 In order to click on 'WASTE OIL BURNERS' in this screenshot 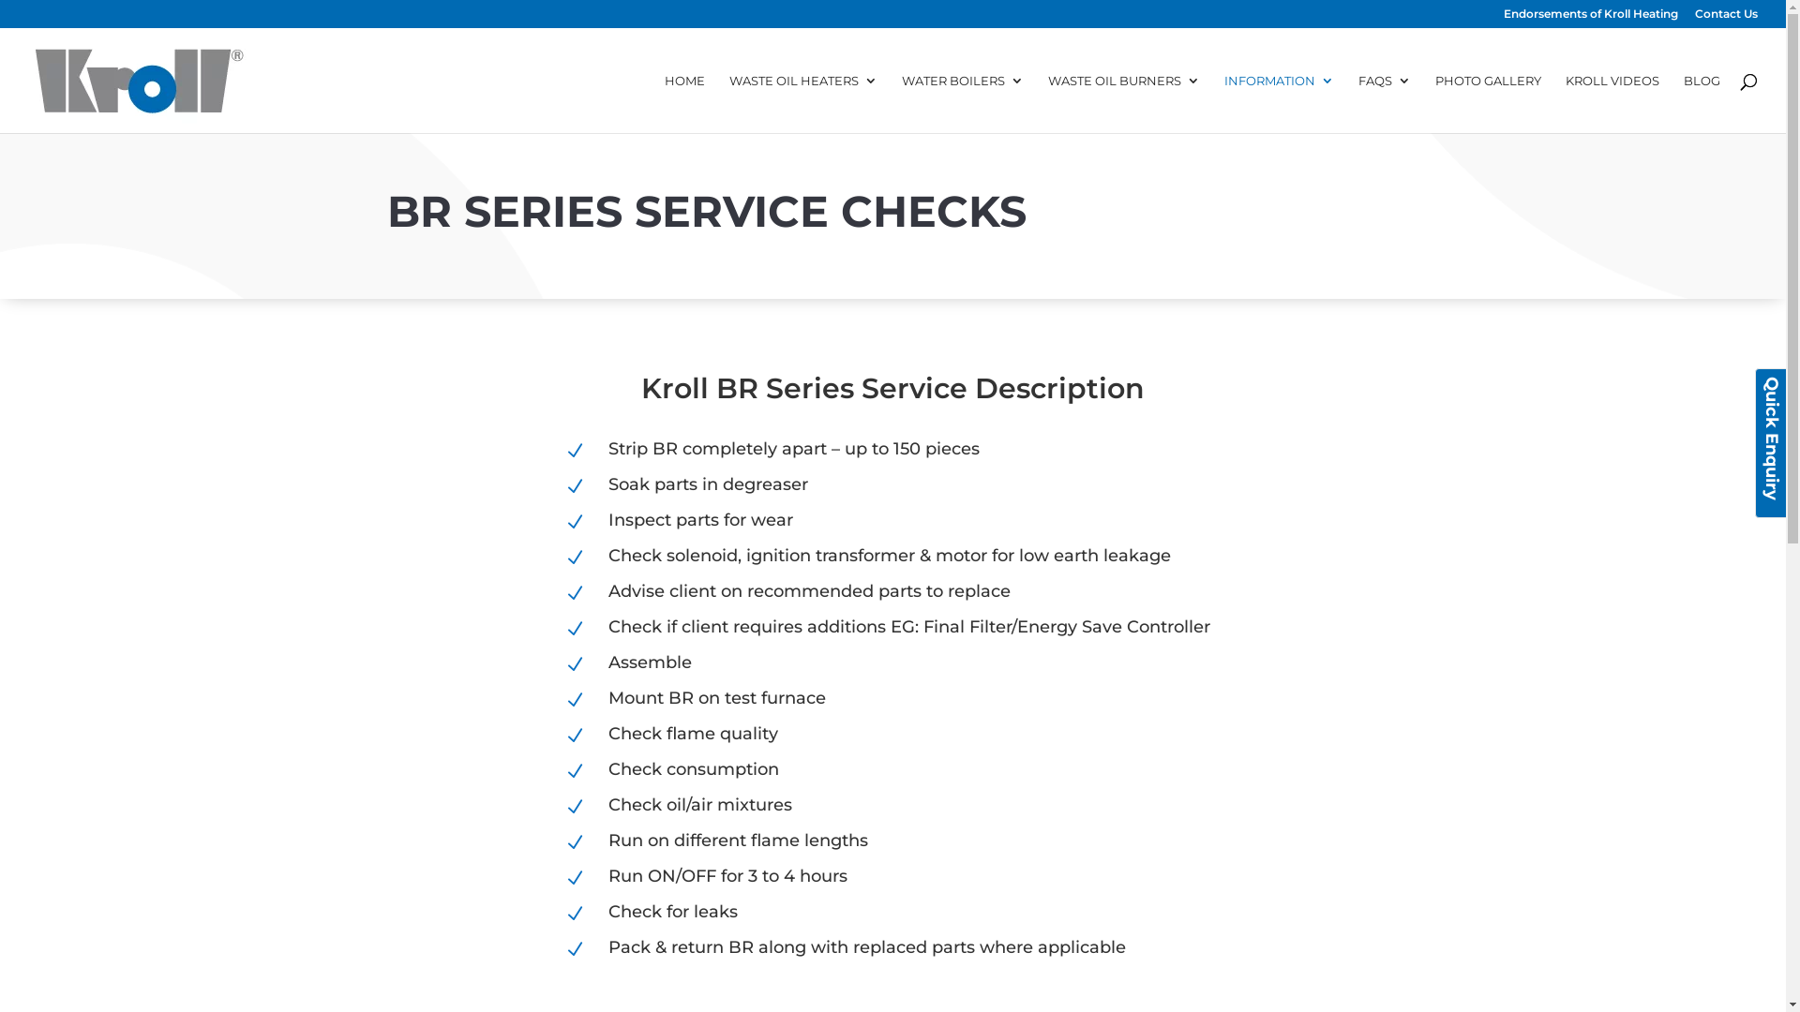, I will do `click(1124, 103)`.